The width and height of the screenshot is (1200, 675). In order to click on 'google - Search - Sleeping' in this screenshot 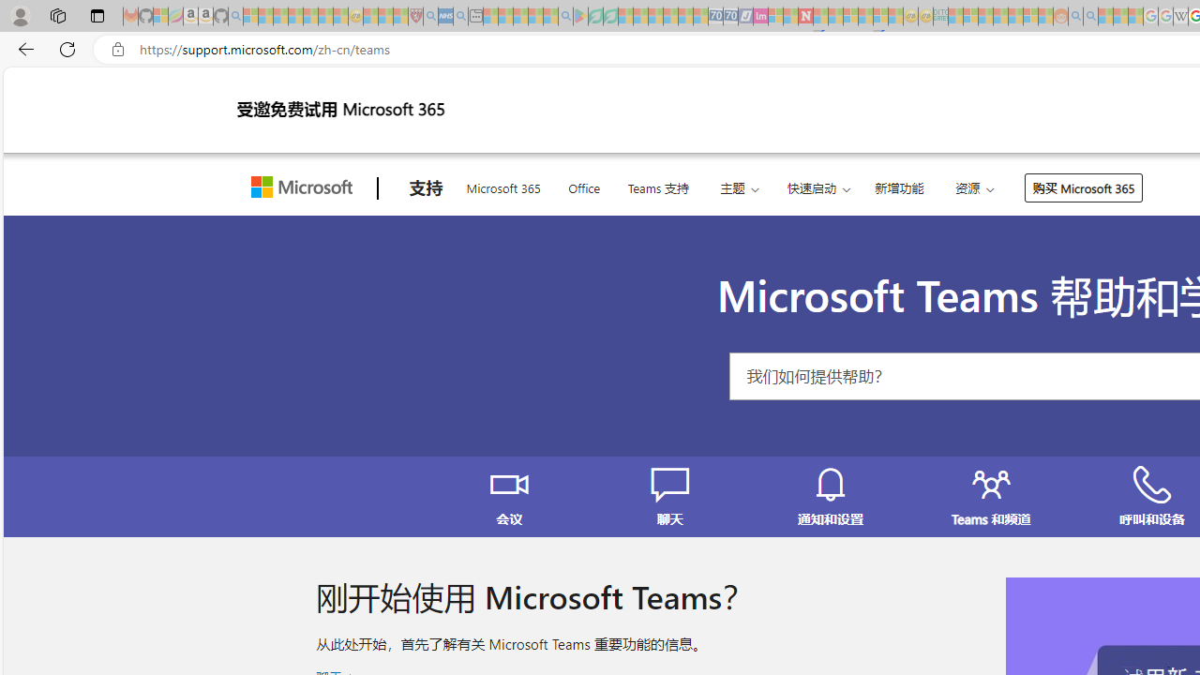, I will do `click(564, 16)`.